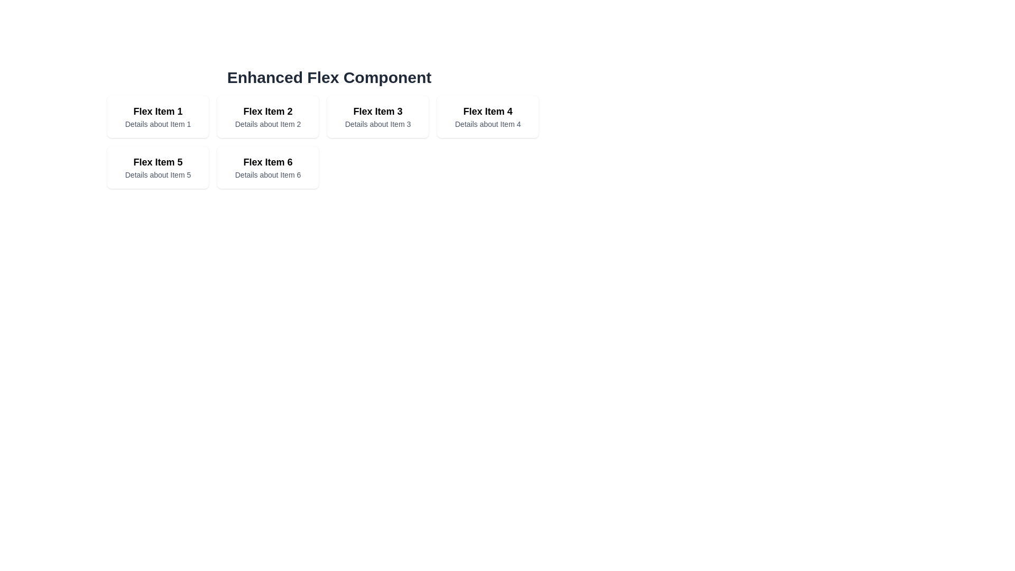 The width and height of the screenshot is (1015, 571). I want to click on the descriptive text element associated with 'Flex Item 2' located at the bottom of the second card in the grid layout, so click(268, 124).